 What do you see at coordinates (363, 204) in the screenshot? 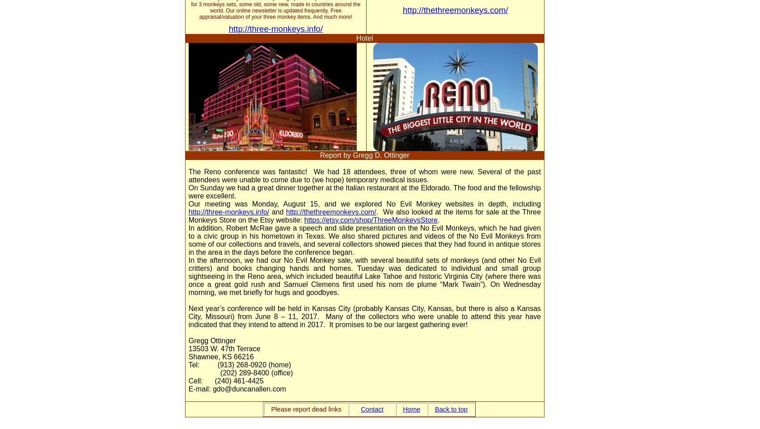
I see `'Our meeting was Monday, August 15,
  and we explored No Evil Monkey websites in depth, including'` at bounding box center [363, 204].